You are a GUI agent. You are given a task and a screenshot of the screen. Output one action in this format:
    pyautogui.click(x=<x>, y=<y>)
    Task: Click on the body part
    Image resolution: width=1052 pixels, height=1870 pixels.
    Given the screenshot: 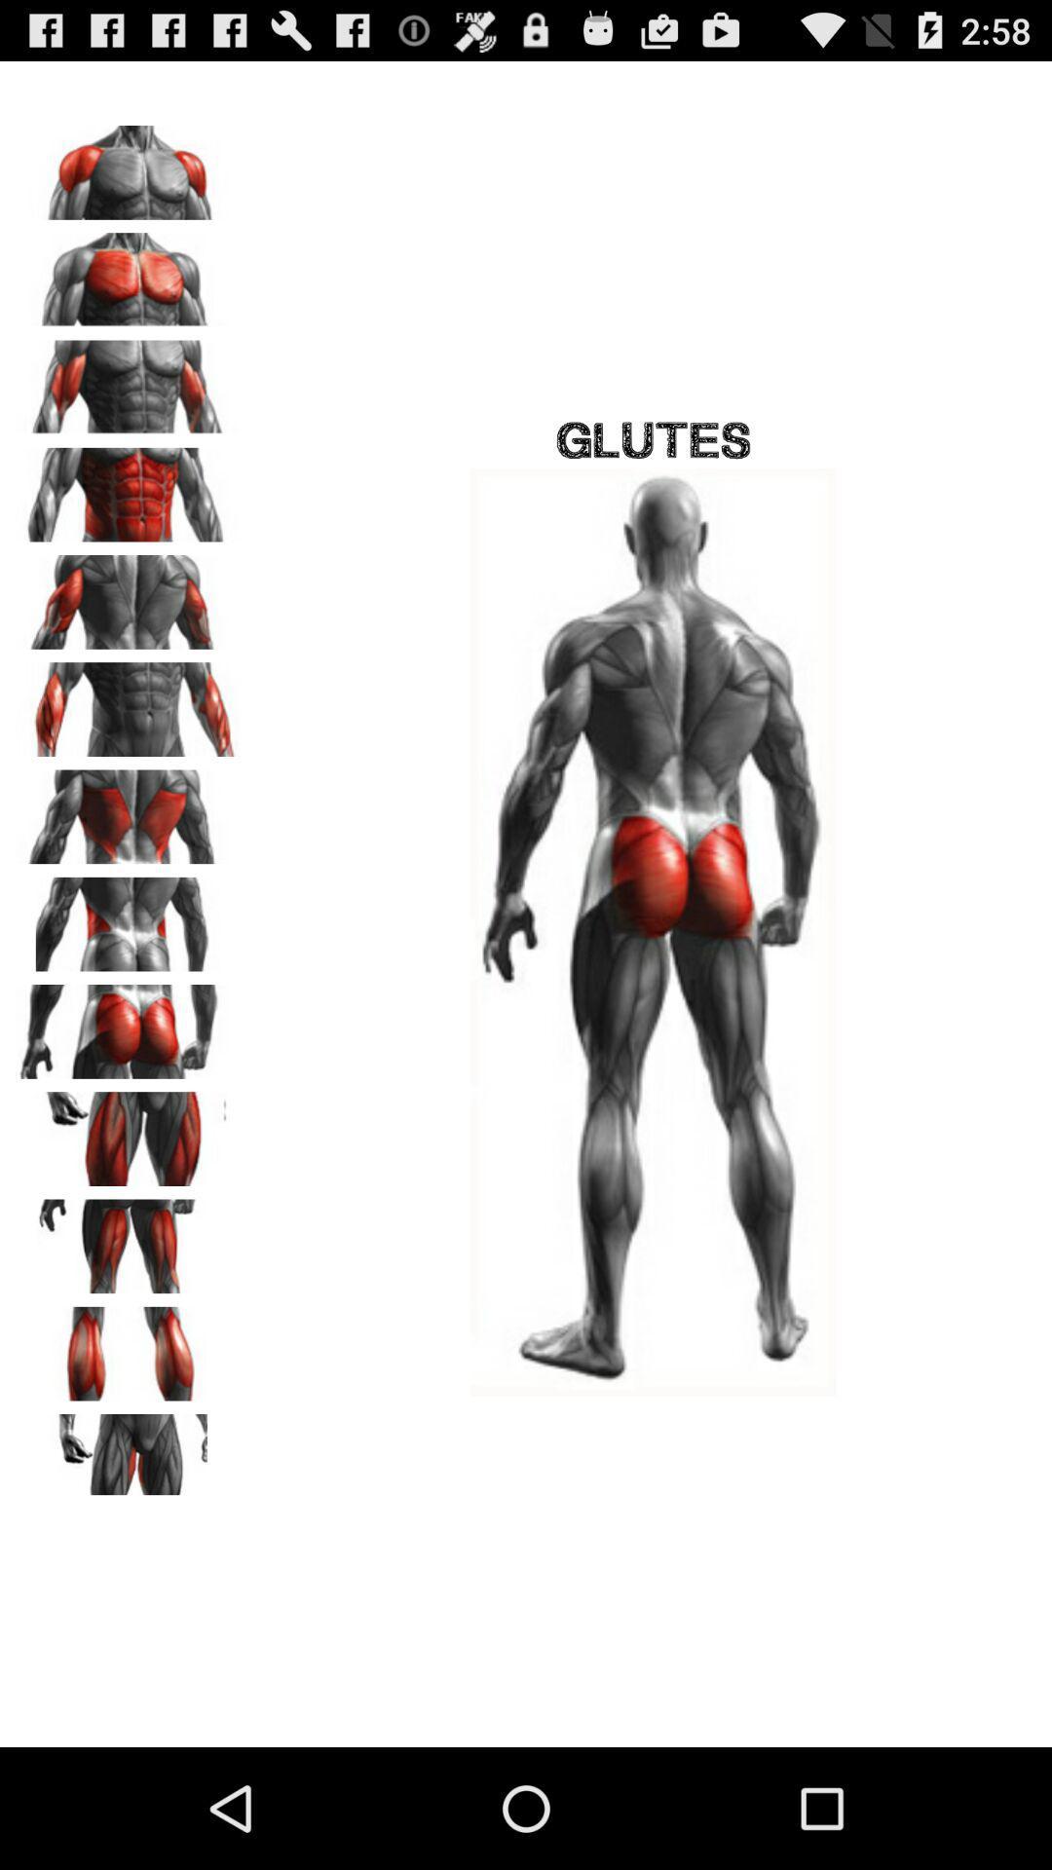 What is the action you would take?
    pyautogui.click(x=128, y=381)
    